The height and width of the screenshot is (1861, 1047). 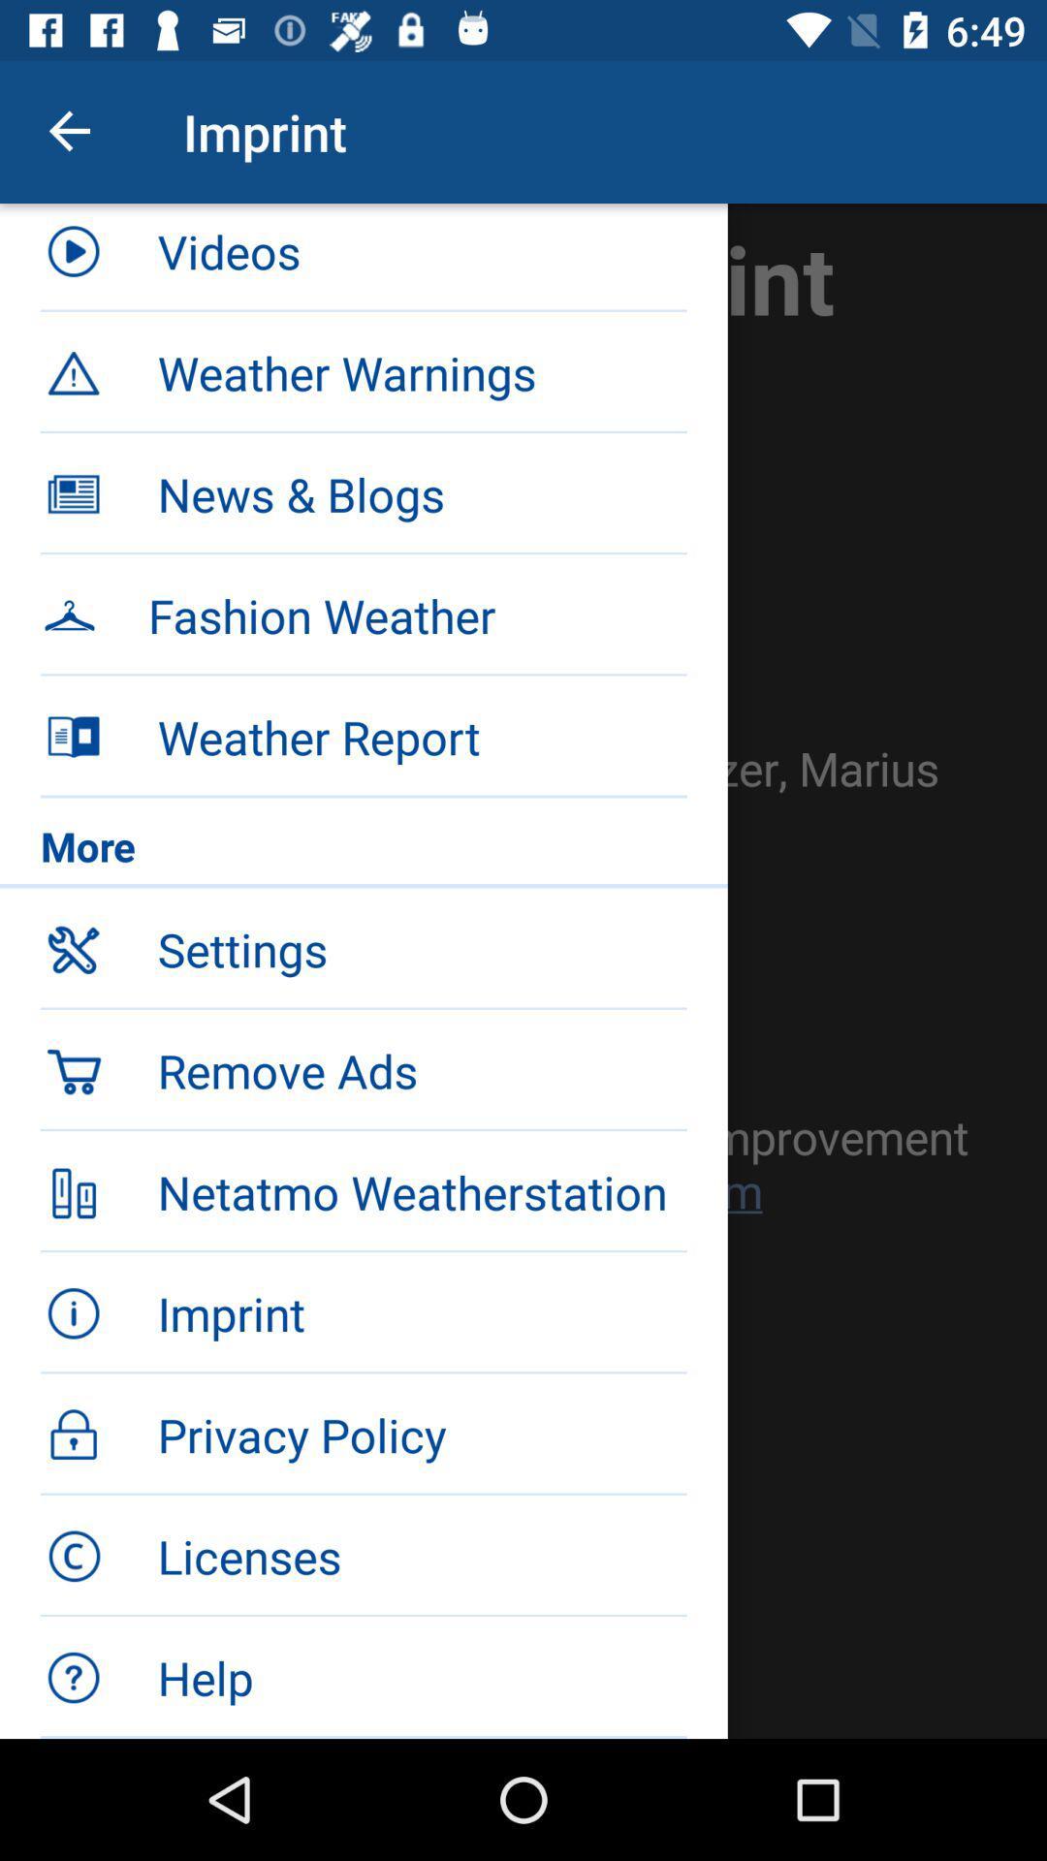 What do you see at coordinates (70, 131) in the screenshot?
I see `icon next to the videos item` at bounding box center [70, 131].